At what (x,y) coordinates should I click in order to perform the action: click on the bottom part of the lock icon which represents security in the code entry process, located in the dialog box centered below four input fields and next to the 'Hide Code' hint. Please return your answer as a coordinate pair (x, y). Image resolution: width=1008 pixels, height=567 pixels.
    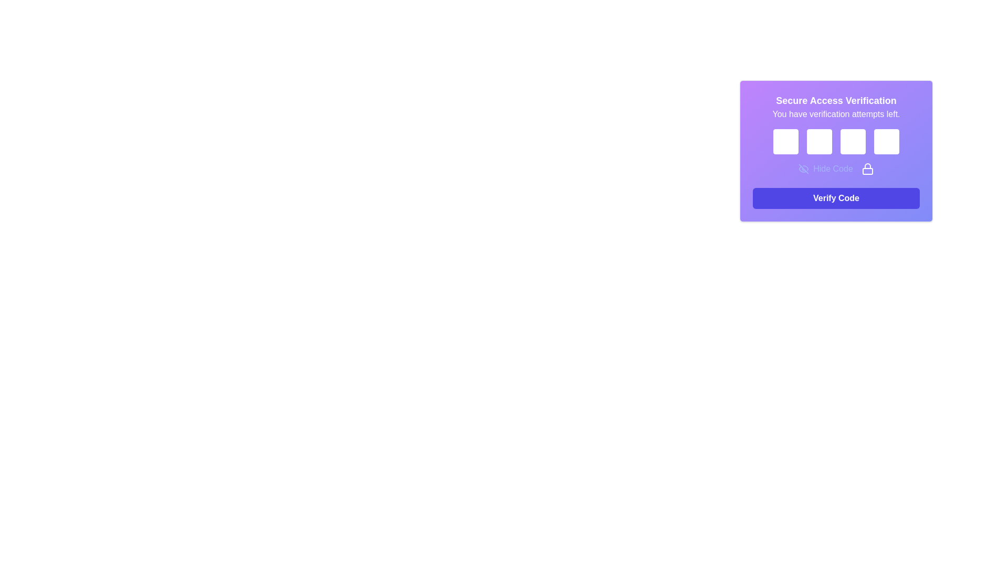
    Looking at the image, I should click on (867, 171).